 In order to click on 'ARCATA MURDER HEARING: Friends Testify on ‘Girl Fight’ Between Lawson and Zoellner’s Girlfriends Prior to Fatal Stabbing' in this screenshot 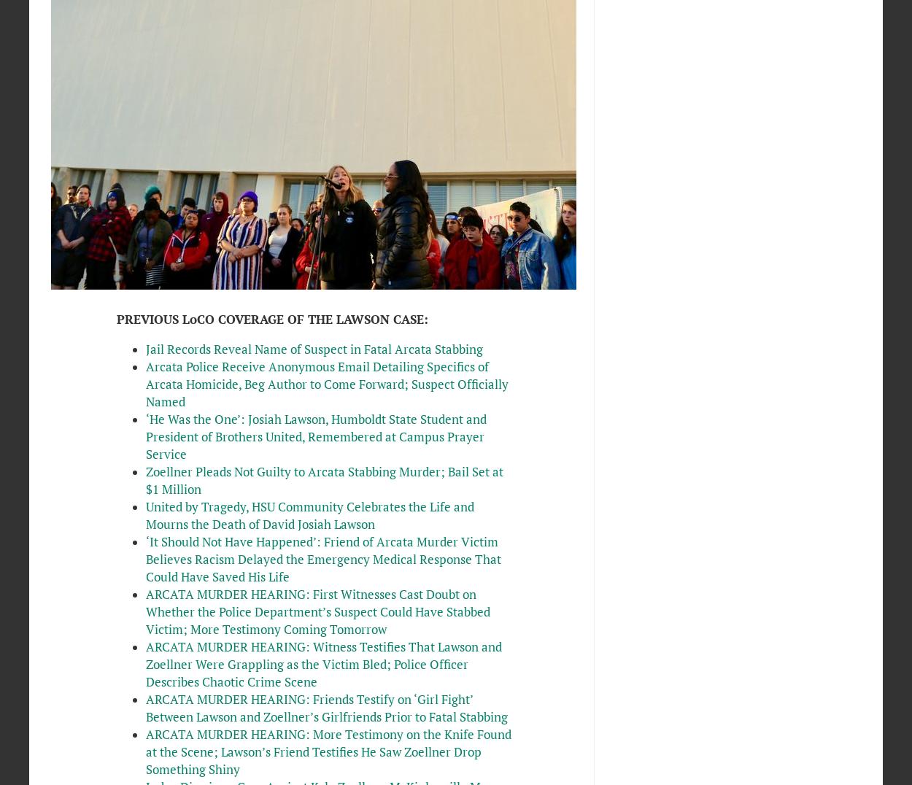, I will do `click(325, 708)`.